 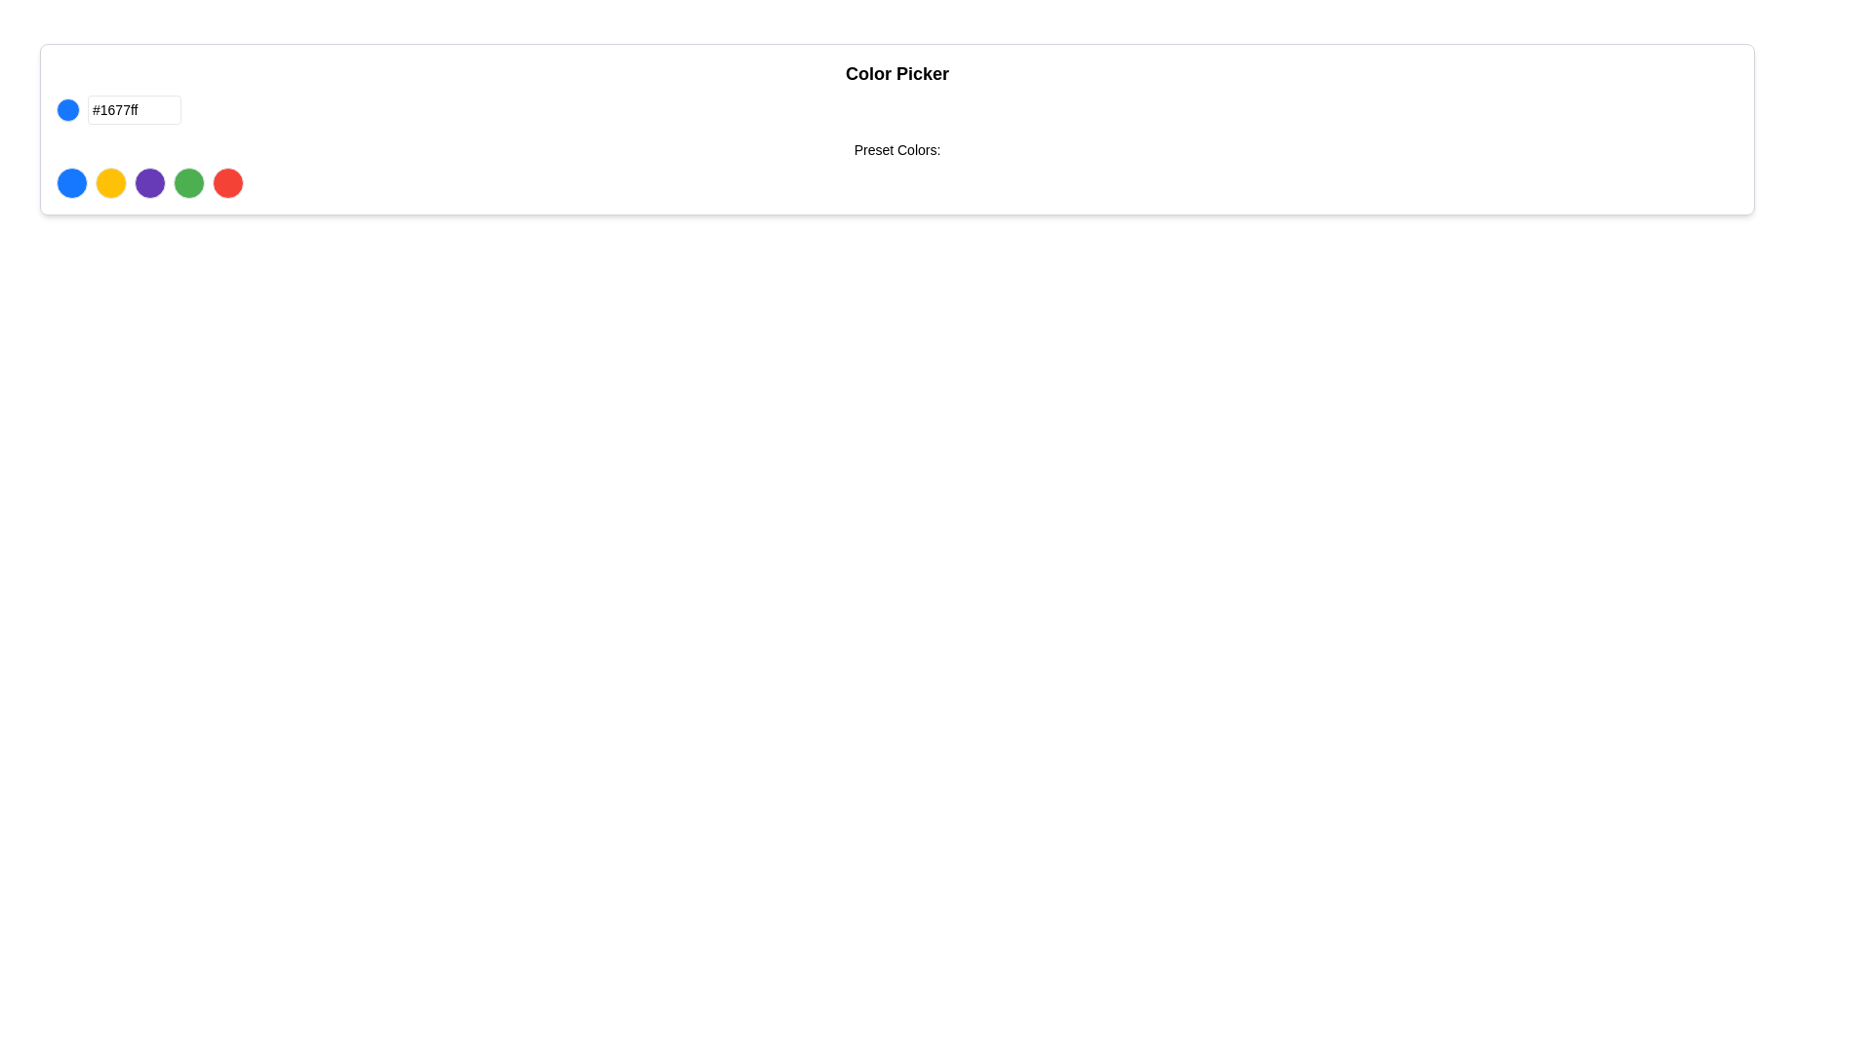 I want to click on the blue circular Color Indicator located to the left of the color code text box displaying '#1677ff', so click(x=68, y=109).